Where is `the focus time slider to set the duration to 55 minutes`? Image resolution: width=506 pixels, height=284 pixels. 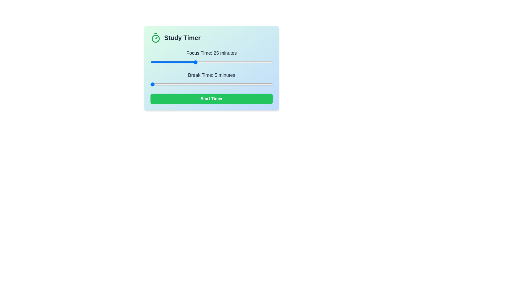
the focus time slider to set the duration to 55 minutes is located at coordinates (261, 62).